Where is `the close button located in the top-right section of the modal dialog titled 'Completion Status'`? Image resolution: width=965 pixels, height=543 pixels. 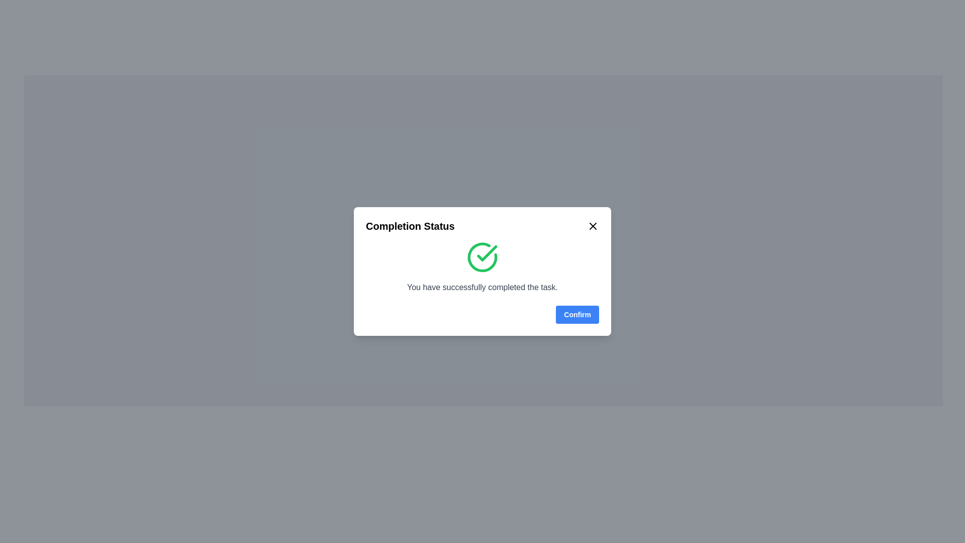 the close button located in the top-right section of the modal dialog titled 'Completion Status' is located at coordinates (593, 226).